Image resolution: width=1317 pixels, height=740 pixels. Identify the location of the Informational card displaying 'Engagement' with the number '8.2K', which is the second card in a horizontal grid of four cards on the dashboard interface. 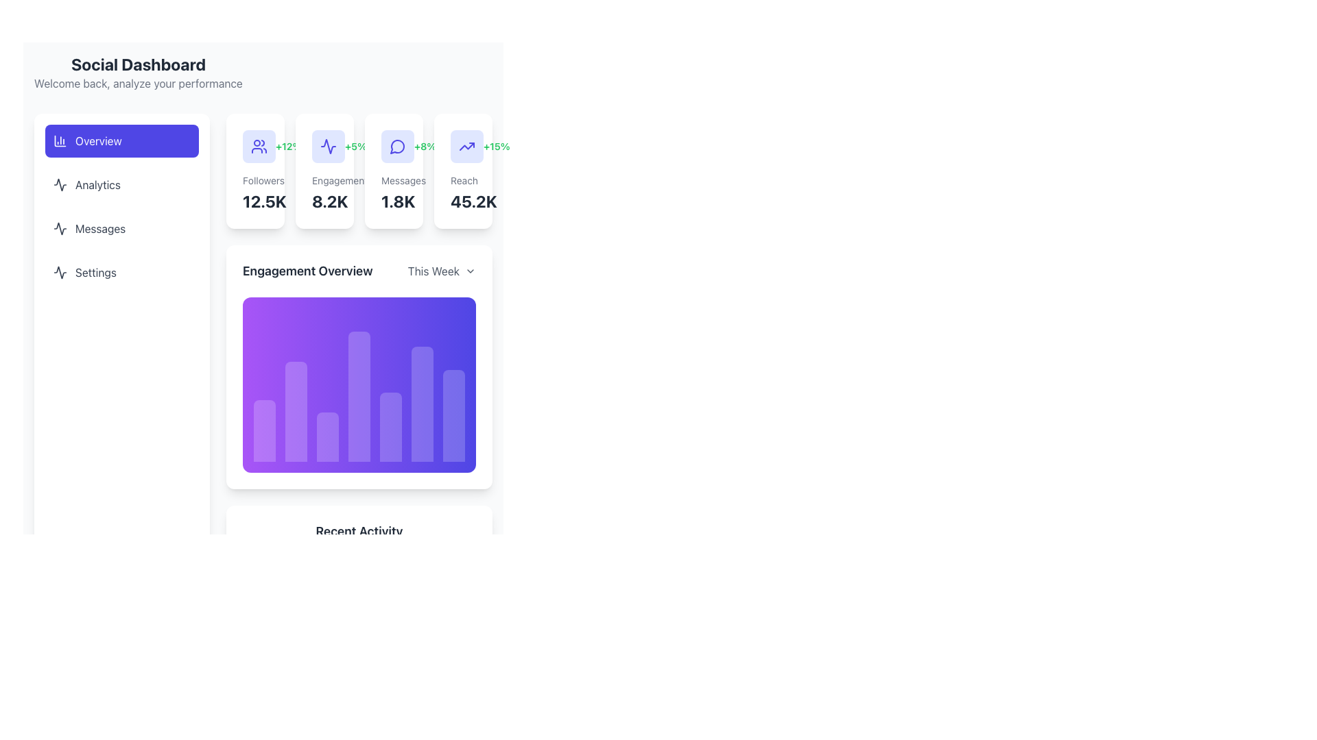
(324, 171).